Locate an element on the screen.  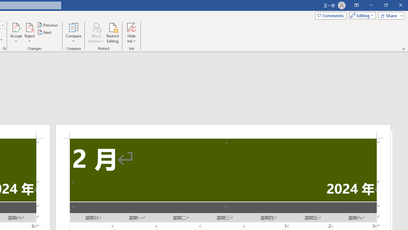
'Next' is located at coordinates (44, 32).